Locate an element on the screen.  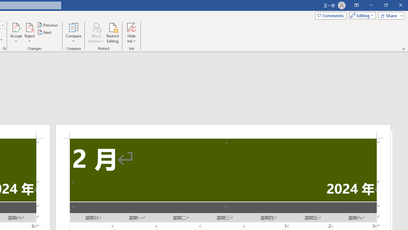
'Next' is located at coordinates (44, 32).